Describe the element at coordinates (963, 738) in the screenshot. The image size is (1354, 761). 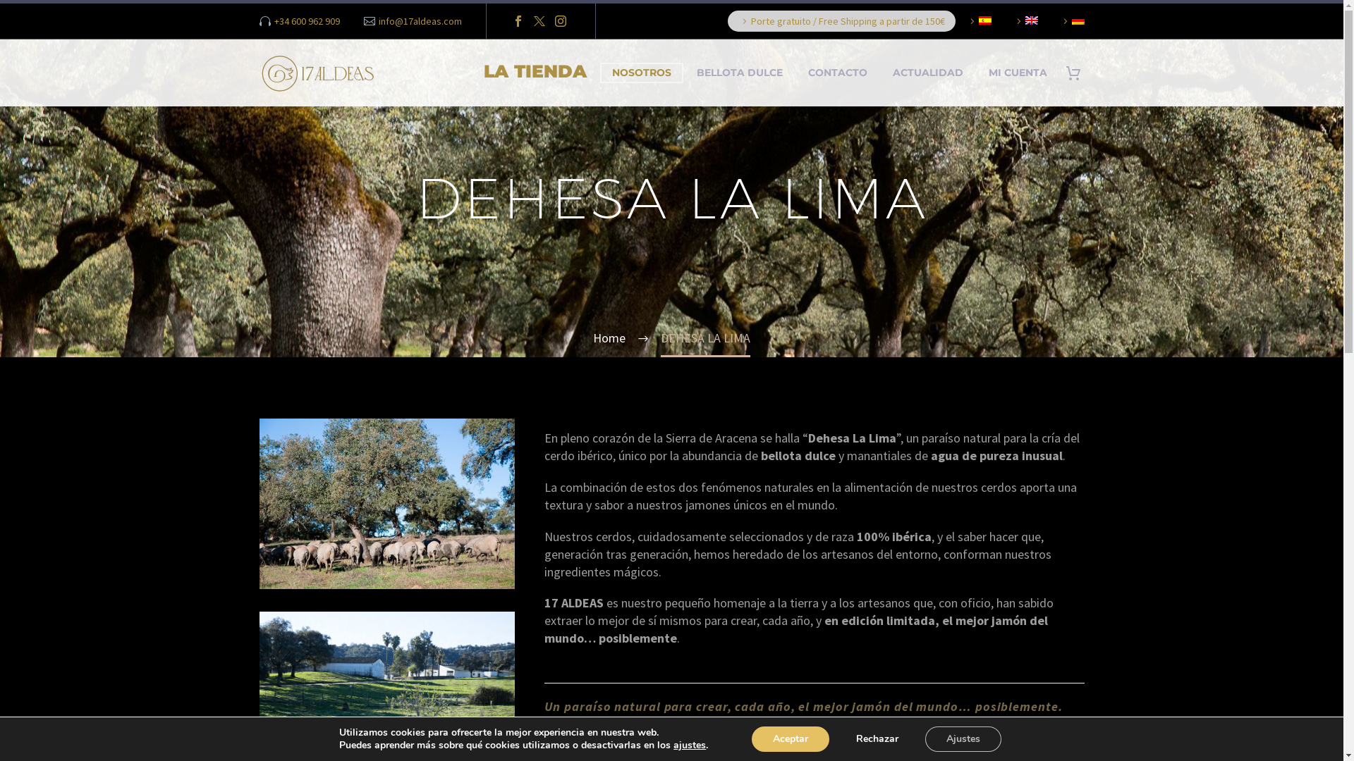
I see `'Ajustes'` at that location.